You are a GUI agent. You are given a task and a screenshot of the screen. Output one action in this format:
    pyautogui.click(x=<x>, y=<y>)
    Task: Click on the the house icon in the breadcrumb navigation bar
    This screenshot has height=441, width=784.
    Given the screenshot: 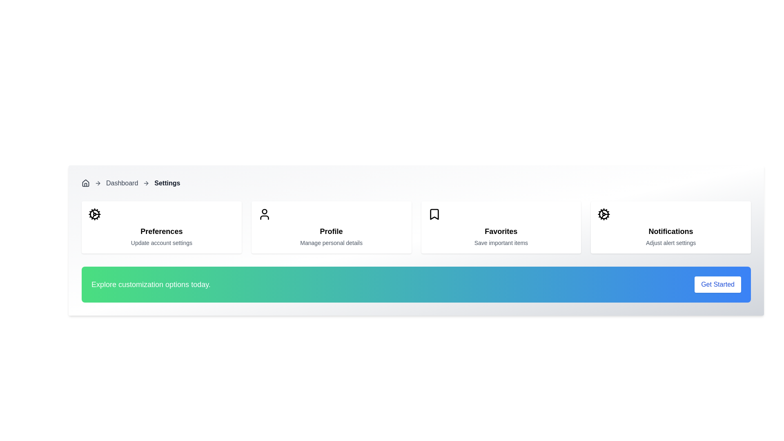 What is the action you would take?
    pyautogui.click(x=86, y=183)
    